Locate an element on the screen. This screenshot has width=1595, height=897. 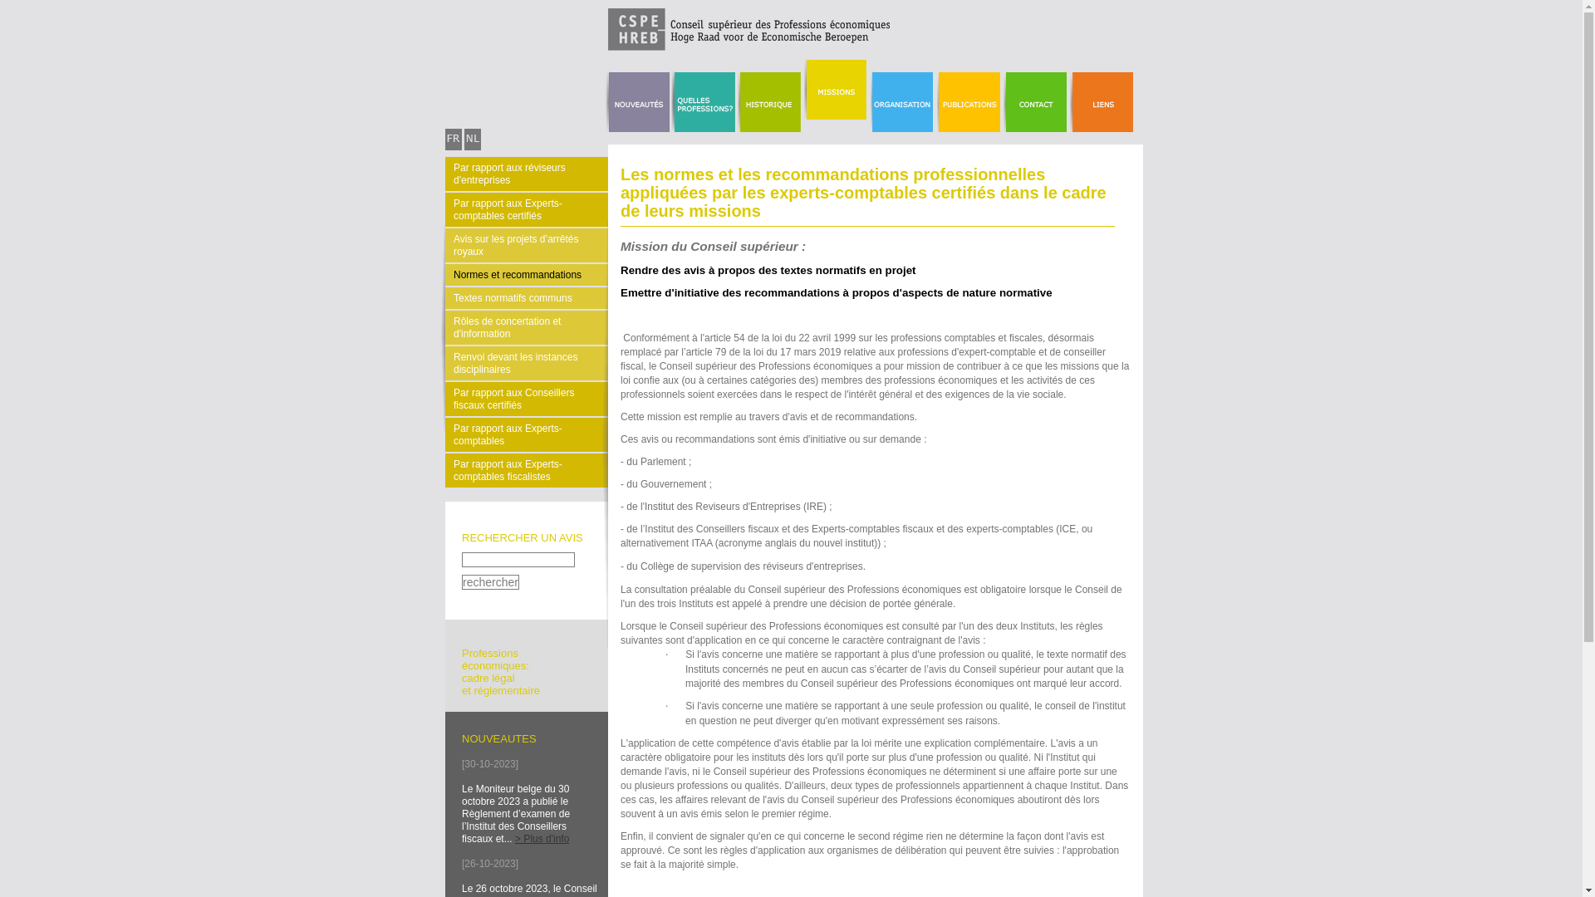
'> Plus d'info' is located at coordinates (513, 839).